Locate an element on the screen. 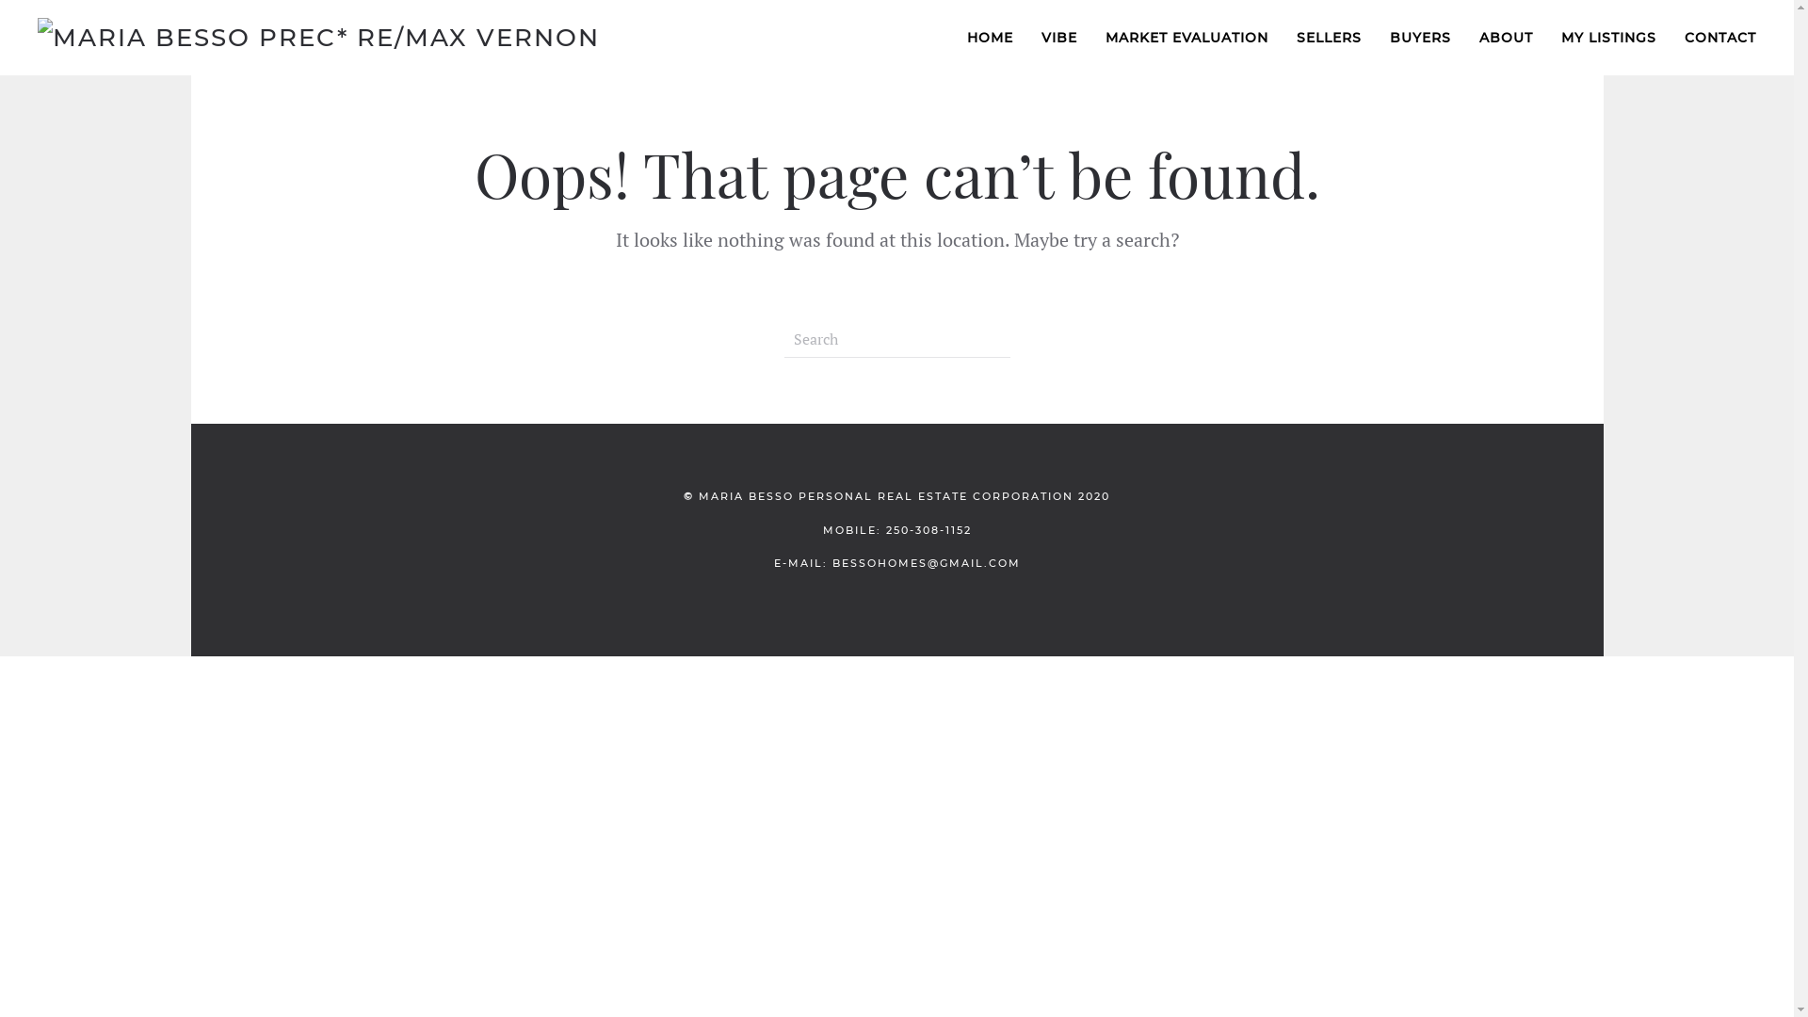 The height and width of the screenshot is (1017, 1808). 'SELLERS' is located at coordinates (1328, 37).